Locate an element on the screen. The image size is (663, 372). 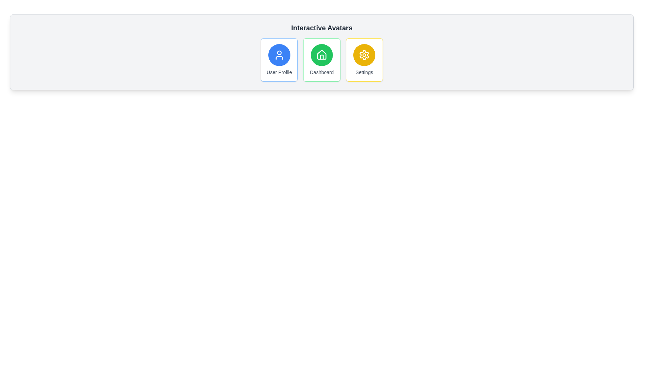
the 'Dashboard' icon, which is centrally located between 'User Profile' and 'Settings' is located at coordinates (321, 54).